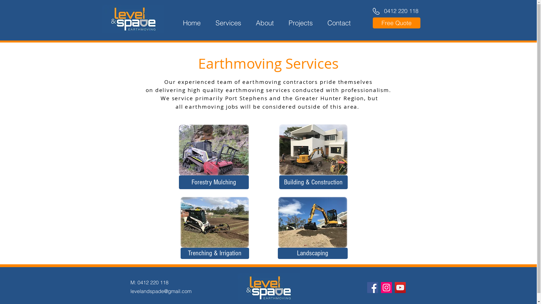 The height and width of the screenshot is (304, 541). I want to click on 'Bannisters Soldiers Point Turf Preparation', so click(312, 222).